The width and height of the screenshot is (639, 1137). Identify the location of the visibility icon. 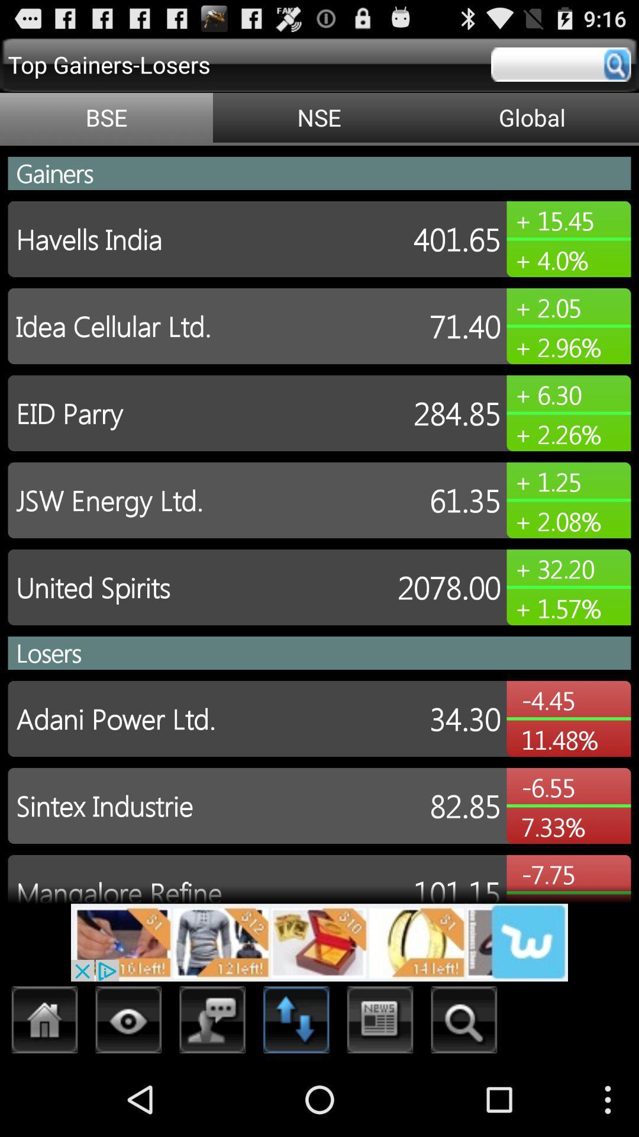
(128, 1094).